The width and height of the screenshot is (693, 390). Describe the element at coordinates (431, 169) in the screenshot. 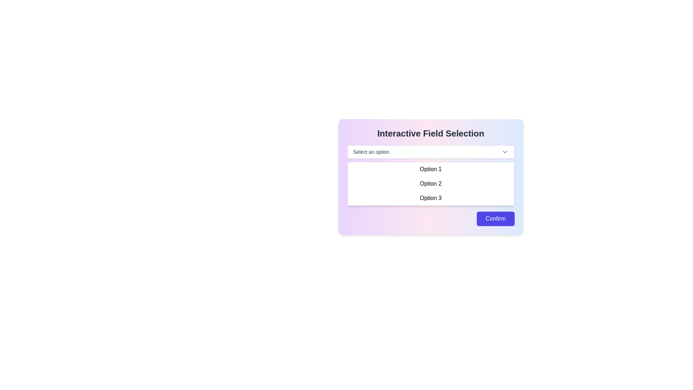

I see `the first option in the dropdown menu labeled 'Select an option'` at that location.